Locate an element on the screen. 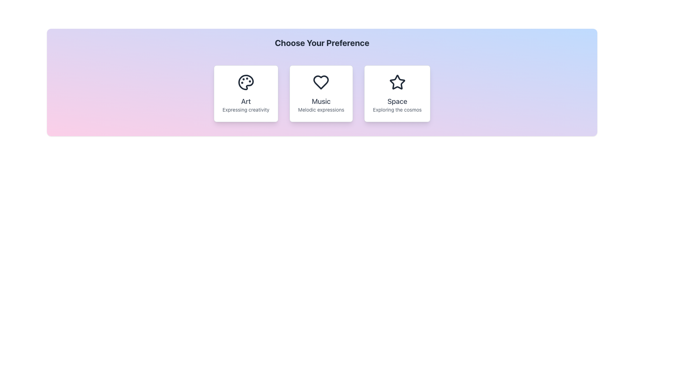 This screenshot has height=379, width=673. the TextBlock containing the bold text 'Music' and the smaller text 'Melodic expressions' is located at coordinates (321, 105).